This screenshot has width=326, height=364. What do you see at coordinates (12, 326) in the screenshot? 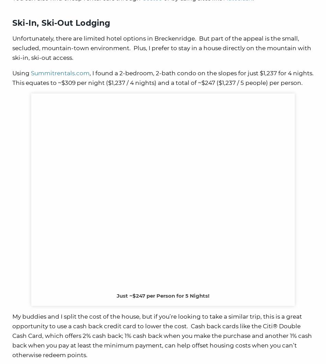
I see `'My buddies and I split the cost of the house, but if you’re looking to take a similar trip, this is a great opportunity to use a cash back credit card to lower the cost.  Cash back cards like the Citi® Double Cash Card, which offers 2% cash back; 1% cash back'` at bounding box center [12, 326].